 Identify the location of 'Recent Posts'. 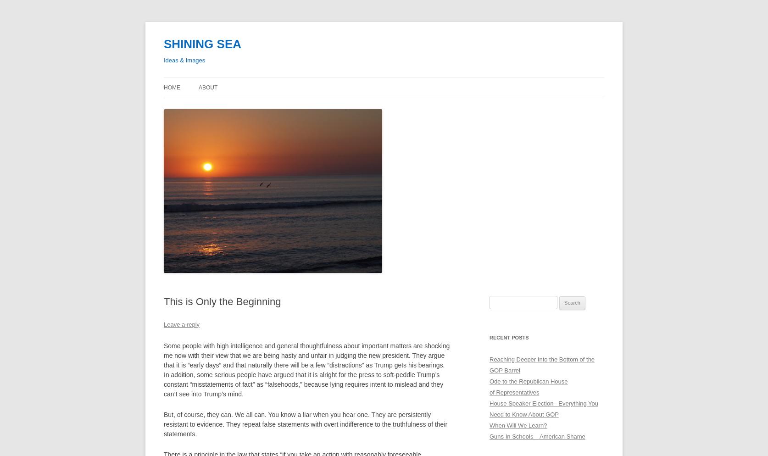
(508, 337).